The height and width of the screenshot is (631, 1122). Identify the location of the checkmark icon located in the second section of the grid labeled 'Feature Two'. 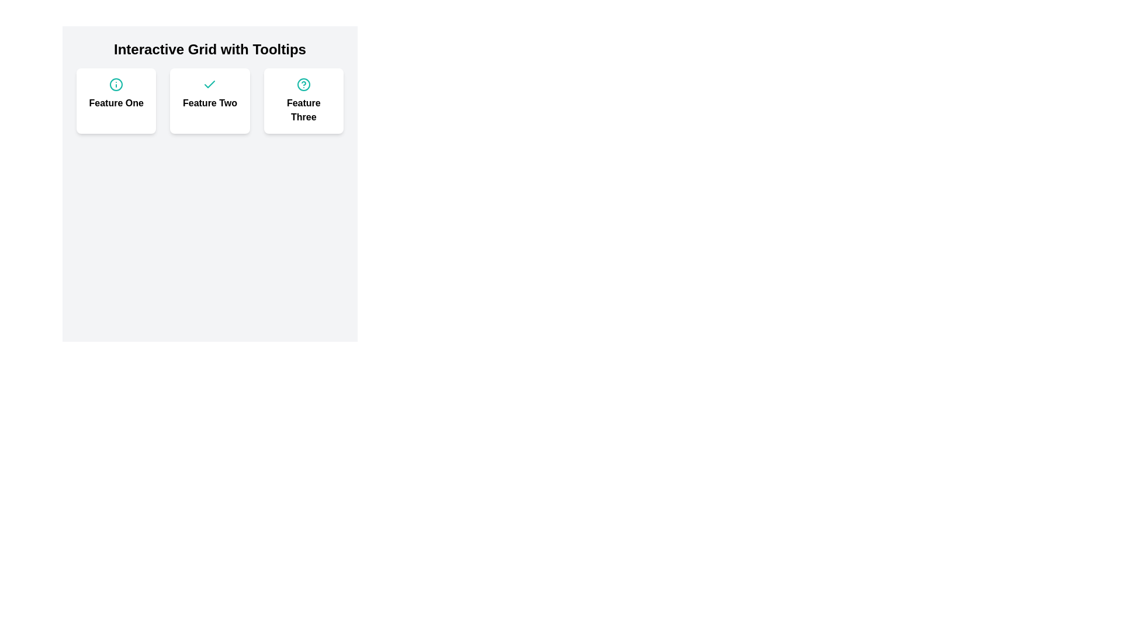
(210, 84).